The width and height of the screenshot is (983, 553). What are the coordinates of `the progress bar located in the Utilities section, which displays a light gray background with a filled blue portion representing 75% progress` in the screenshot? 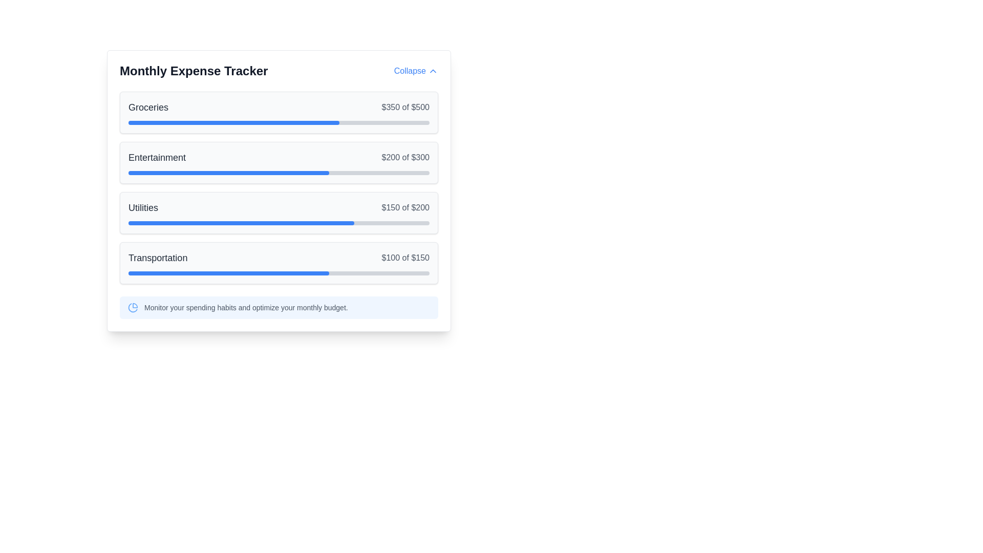 It's located at (279, 222).